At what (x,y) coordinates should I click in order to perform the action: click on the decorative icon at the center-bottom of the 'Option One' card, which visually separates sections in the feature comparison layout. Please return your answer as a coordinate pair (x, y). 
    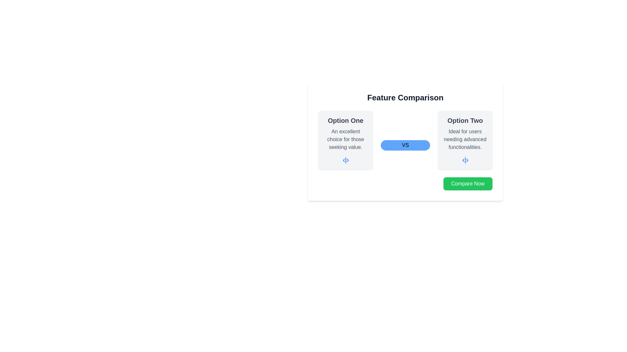
    Looking at the image, I should click on (345, 160).